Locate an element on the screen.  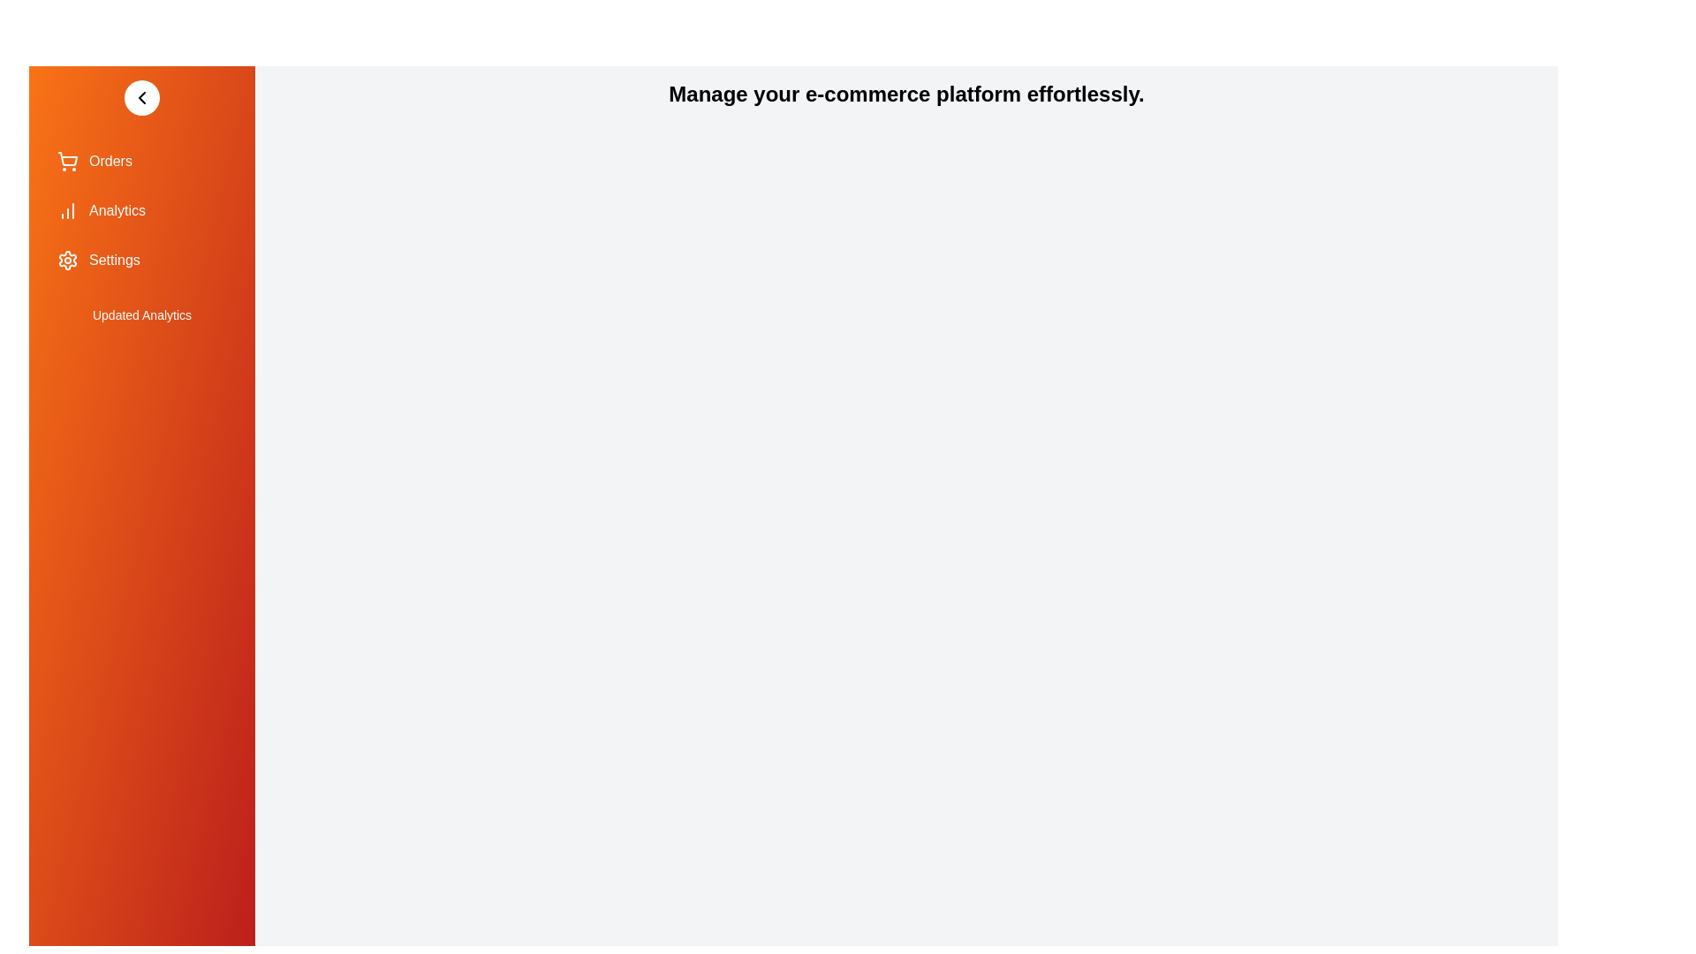
toggle button to change the drawer's state is located at coordinates (142, 98).